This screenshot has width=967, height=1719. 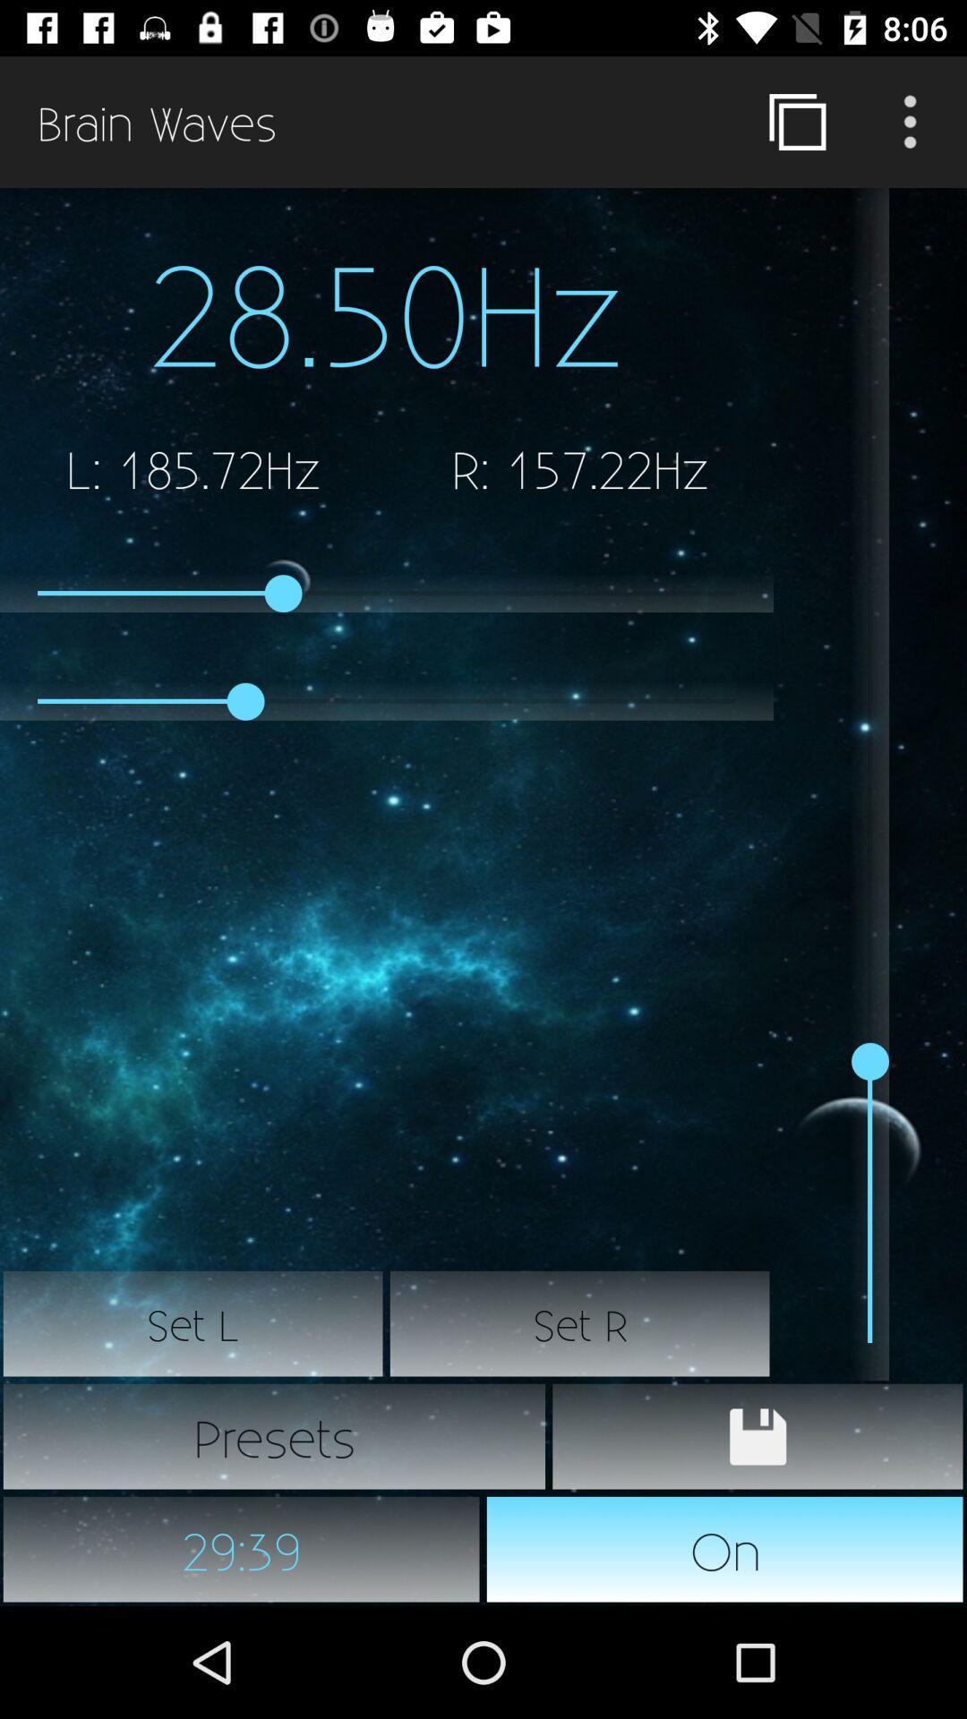 I want to click on the item above the presets item, so click(x=580, y=1323).